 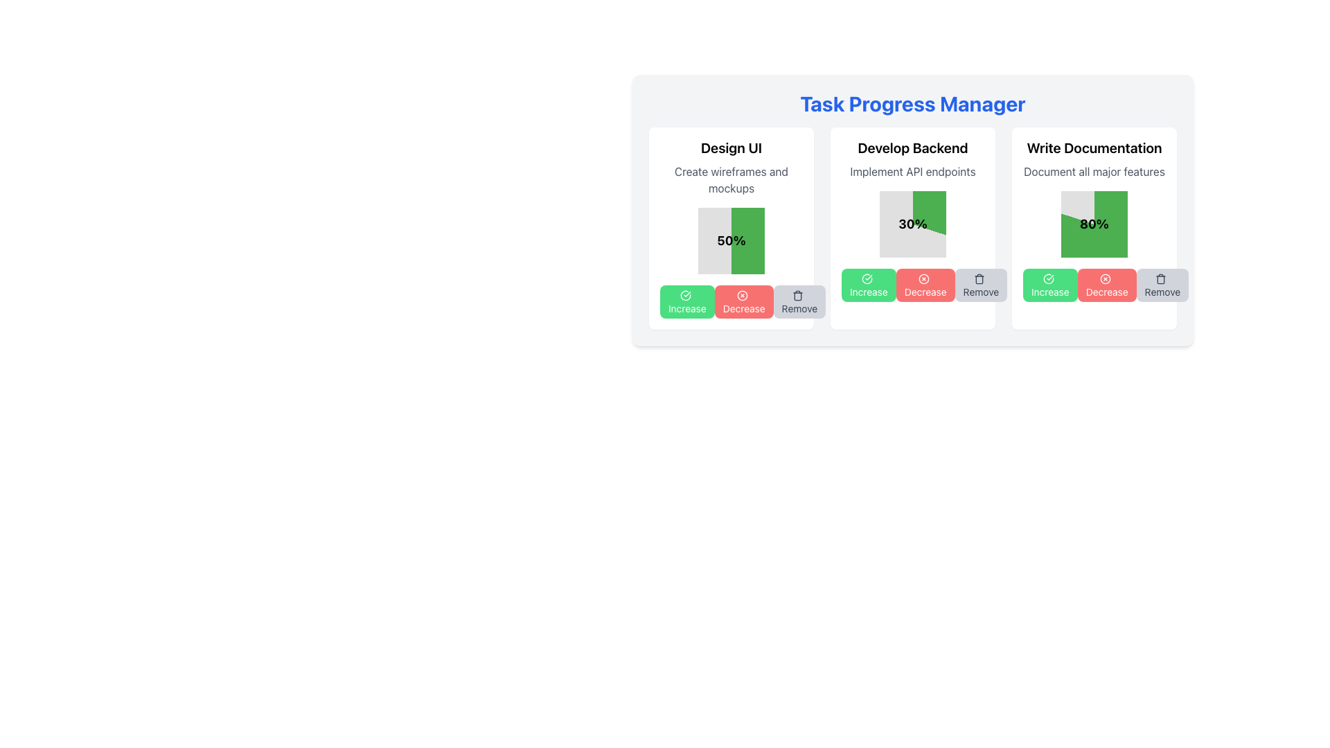 I want to click on the bold text label displaying 'Design UI' at the top of the white rounded box card layout, so click(x=731, y=148).